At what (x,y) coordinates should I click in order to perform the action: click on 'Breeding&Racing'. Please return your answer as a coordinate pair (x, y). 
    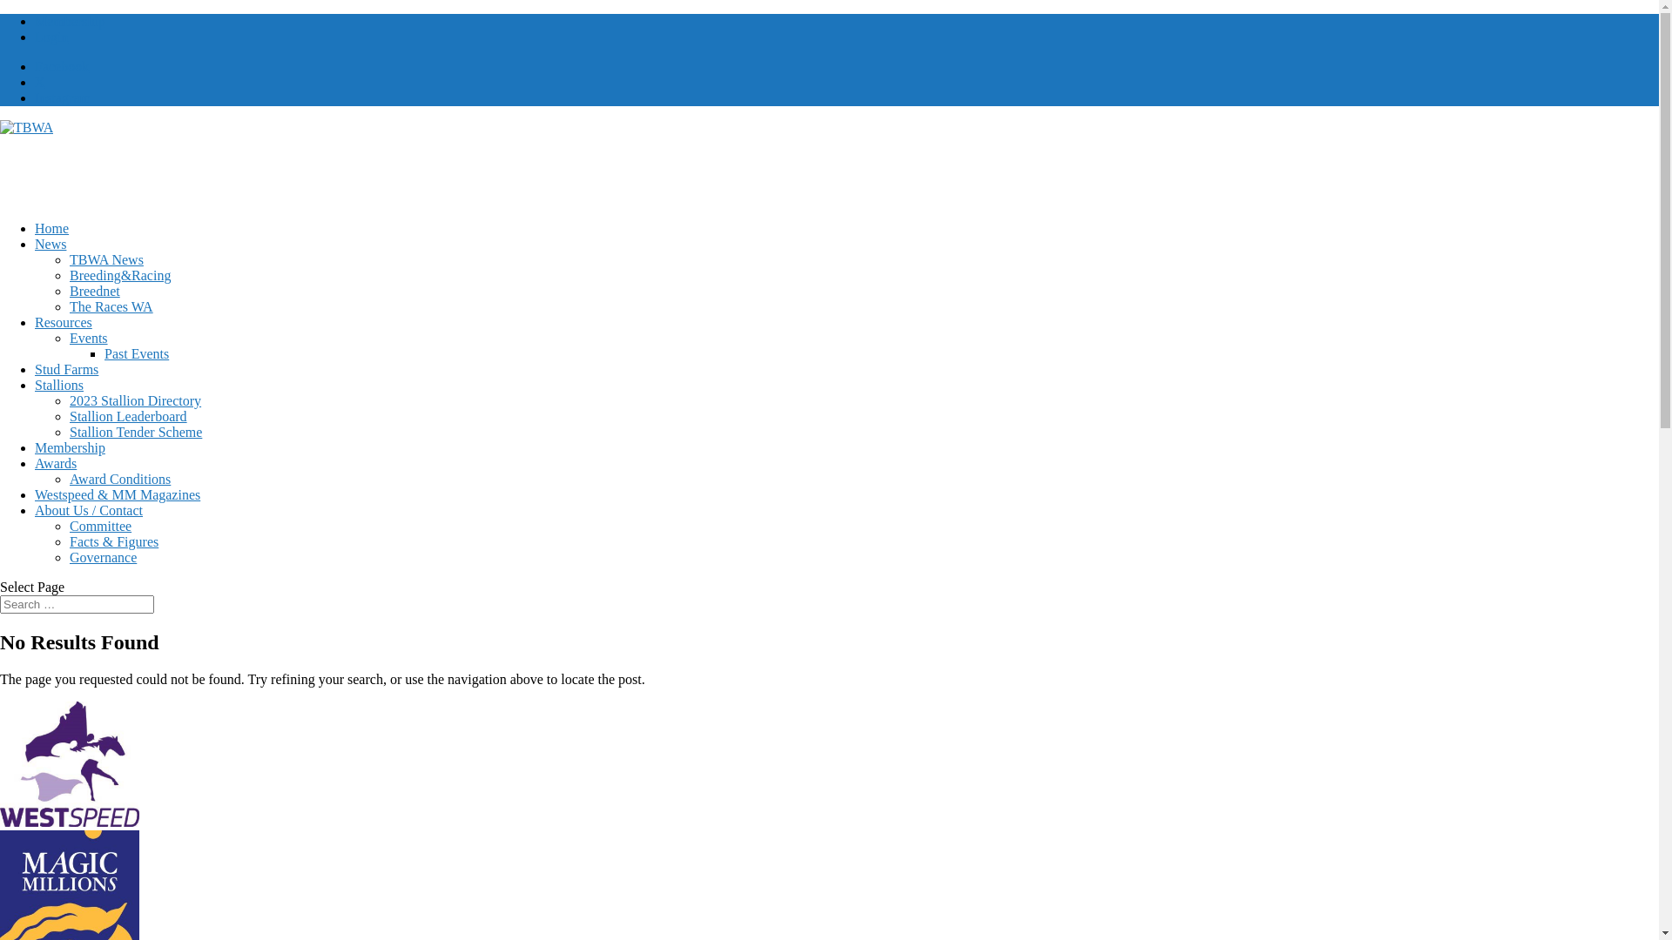
    Looking at the image, I should click on (70, 274).